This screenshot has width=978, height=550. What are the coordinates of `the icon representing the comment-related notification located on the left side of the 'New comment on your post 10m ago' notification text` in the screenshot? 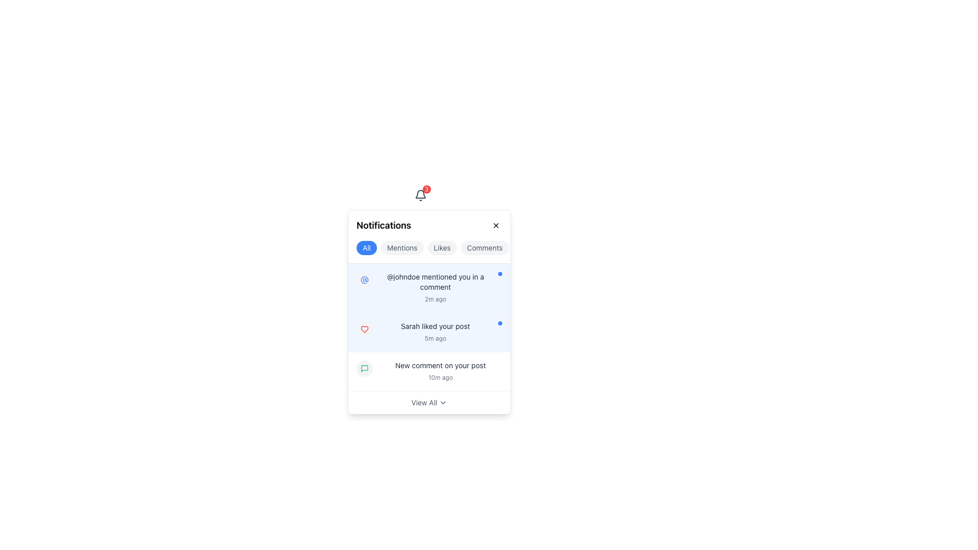 It's located at (364, 369).